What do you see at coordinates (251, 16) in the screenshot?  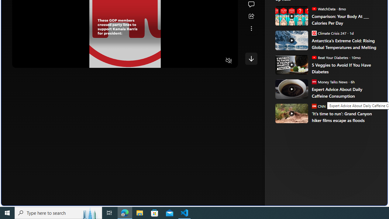 I see `'Share this story'` at bounding box center [251, 16].